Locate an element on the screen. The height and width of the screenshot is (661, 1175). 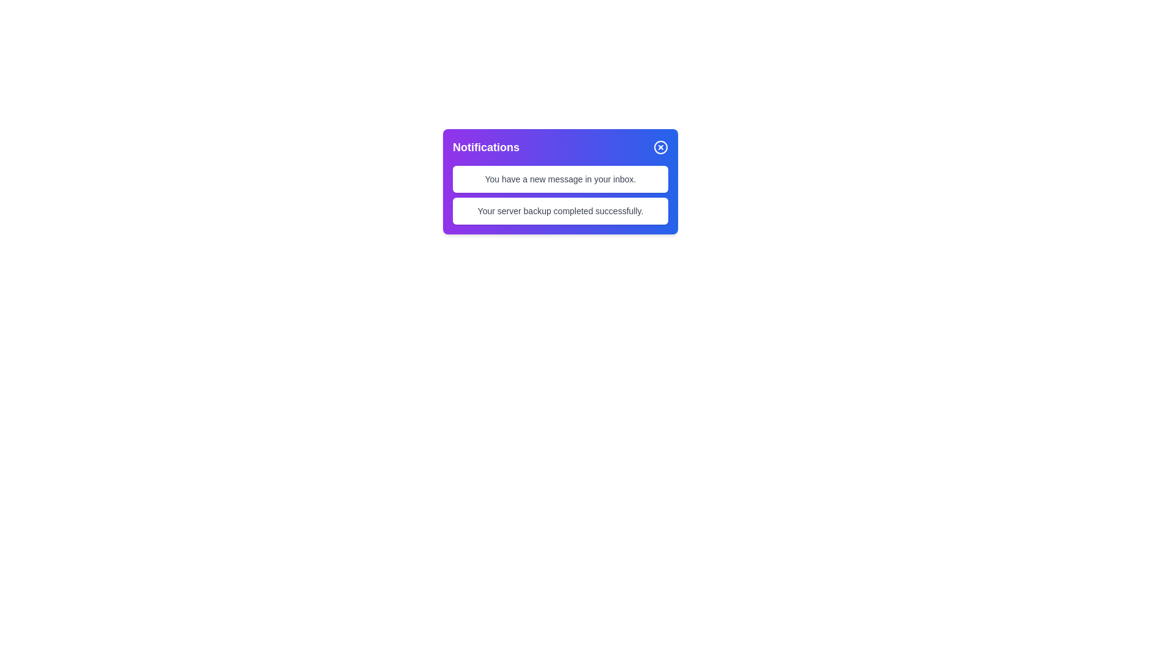
the 'Notifications' text label, which is a bold, white label on a gradient purple background, located in the upper-left part of the notification panel is located at coordinates (485, 146).